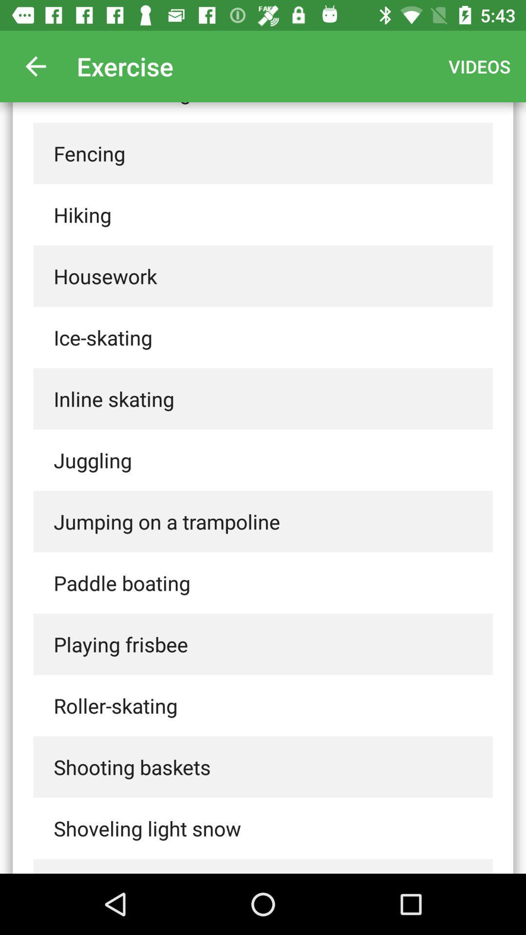  What do you see at coordinates (479, 66) in the screenshot?
I see `item to the right of the exercise item` at bounding box center [479, 66].